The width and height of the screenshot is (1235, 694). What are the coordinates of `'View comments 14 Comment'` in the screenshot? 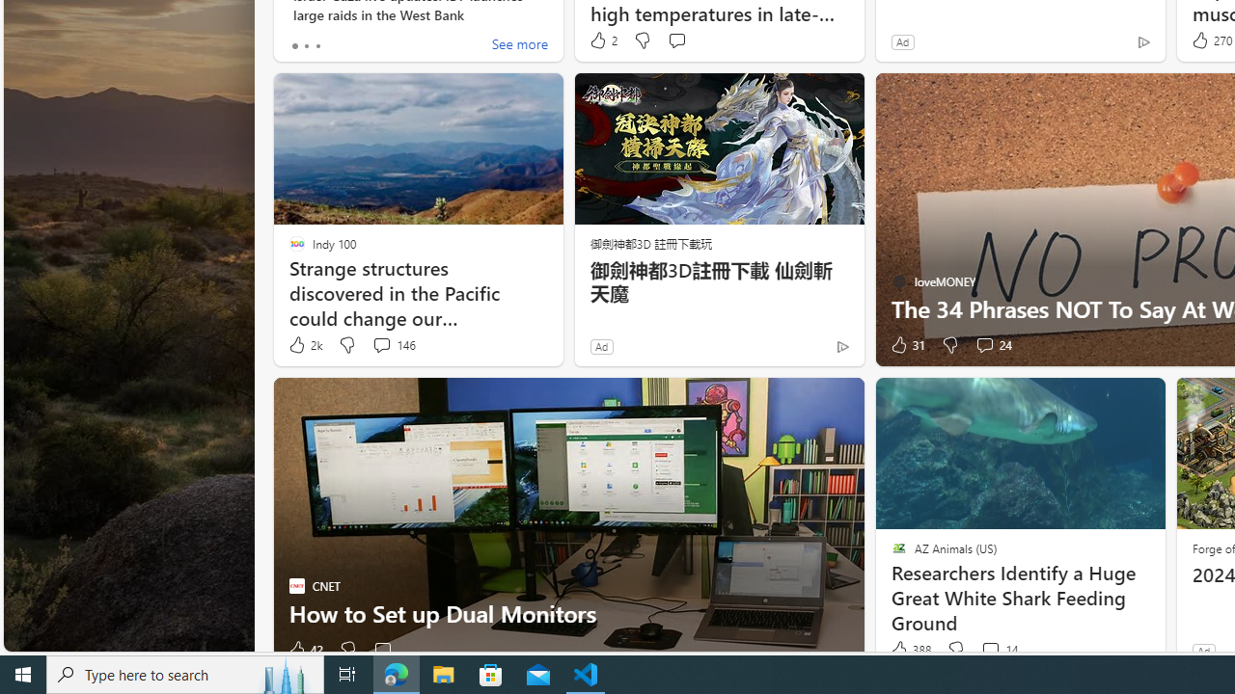 It's located at (990, 649).